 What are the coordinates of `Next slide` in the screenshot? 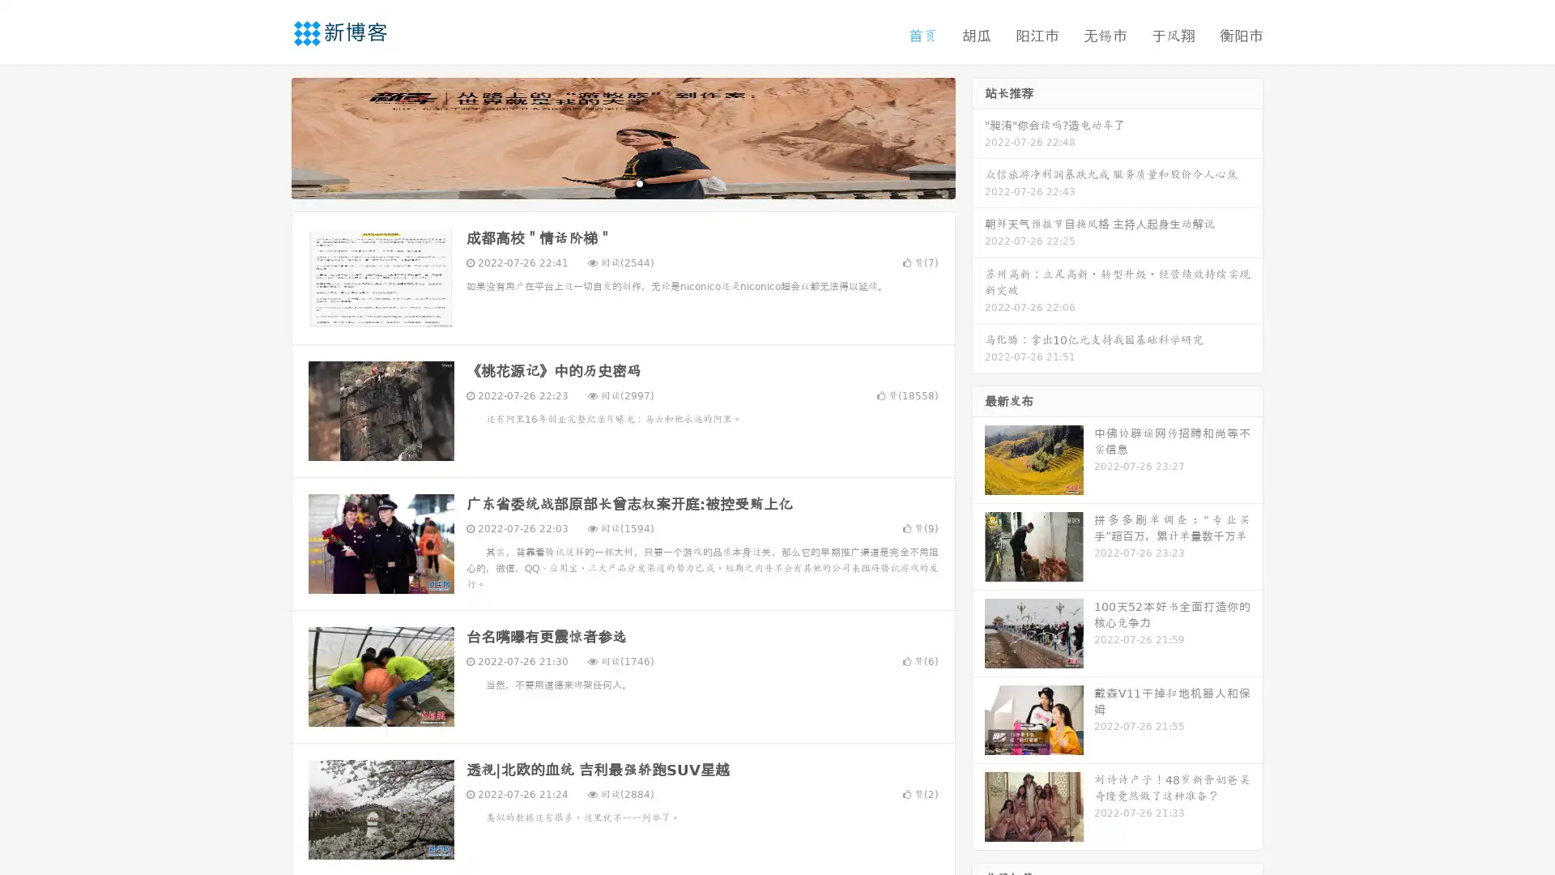 It's located at (978, 136).